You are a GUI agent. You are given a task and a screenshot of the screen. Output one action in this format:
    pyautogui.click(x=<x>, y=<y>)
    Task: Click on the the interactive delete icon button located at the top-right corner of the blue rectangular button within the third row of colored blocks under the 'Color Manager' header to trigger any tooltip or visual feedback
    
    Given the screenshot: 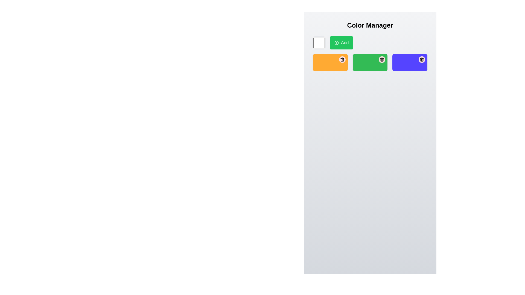 What is the action you would take?
    pyautogui.click(x=421, y=60)
    